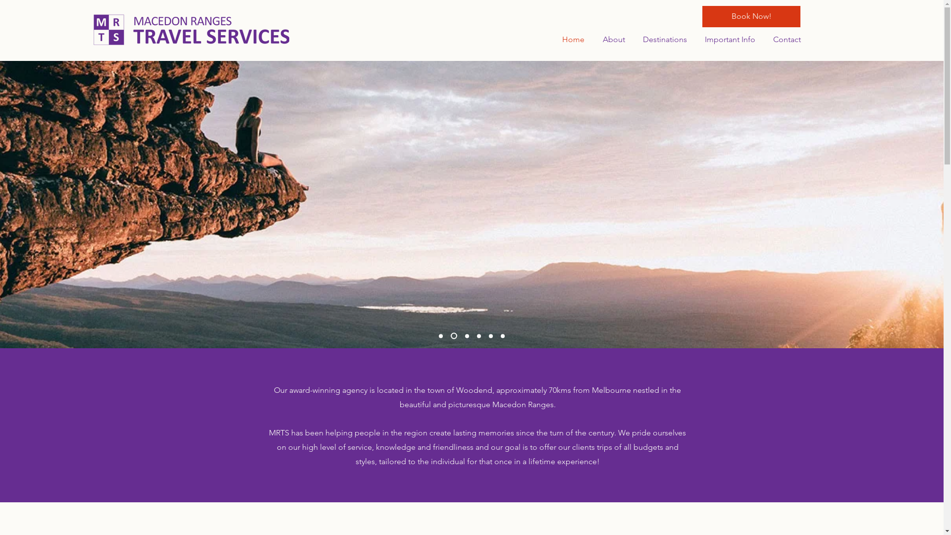 This screenshot has width=951, height=535. What do you see at coordinates (701, 16) in the screenshot?
I see `'Book Now!'` at bounding box center [701, 16].